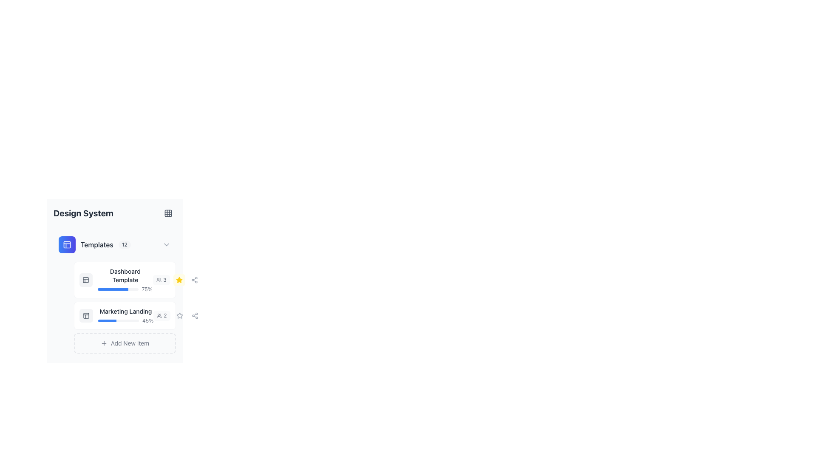 The height and width of the screenshot is (459, 816). I want to click on the text displaying the number of users associated with the 'Marketing Landing' template, located in the bottom-right corner of the light gray rounded rectangular component labeled 'Marketing Landing', so click(165, 316).